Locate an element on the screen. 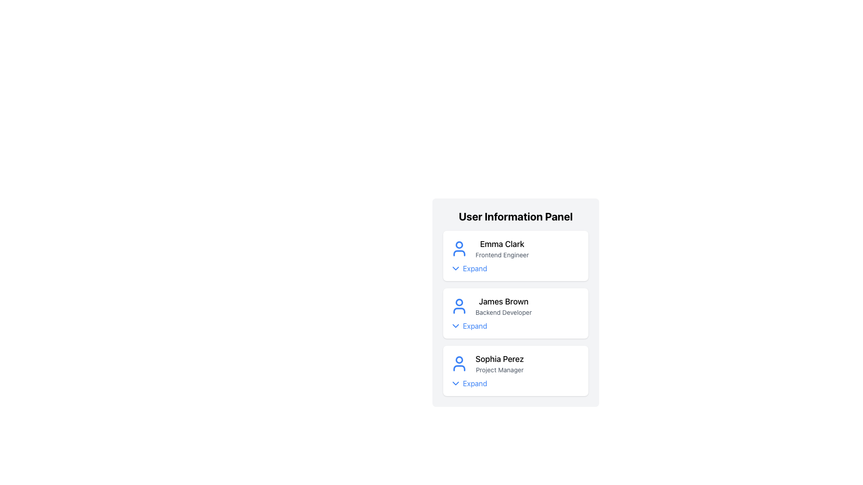  the User Information Display for James Brown, a Backend Developer is located at coordinates (516, 306).